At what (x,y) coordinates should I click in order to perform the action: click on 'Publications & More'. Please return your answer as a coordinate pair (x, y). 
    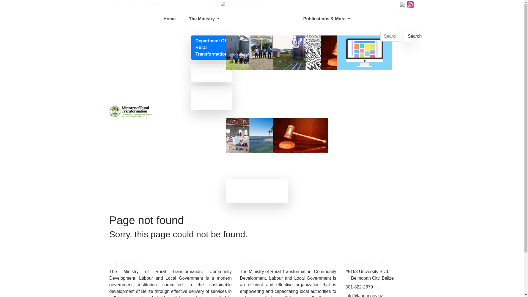
    Looking at the image, I should click on (296, 19).